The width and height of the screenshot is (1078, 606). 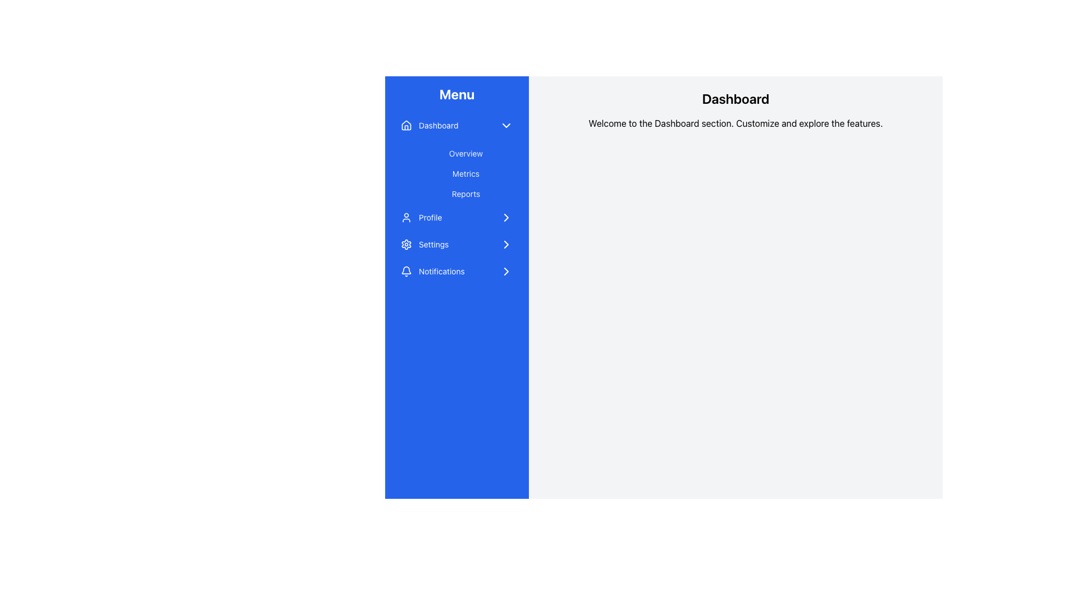 What do you see at coordinates (506, 244) in the screenshot?
I see `the rightward arrow icon indicating navigation in the 'Settings' menu entry, which is styled in white on a blue background and located at the rightmost section of the menu` at bounding box center [506, 244].